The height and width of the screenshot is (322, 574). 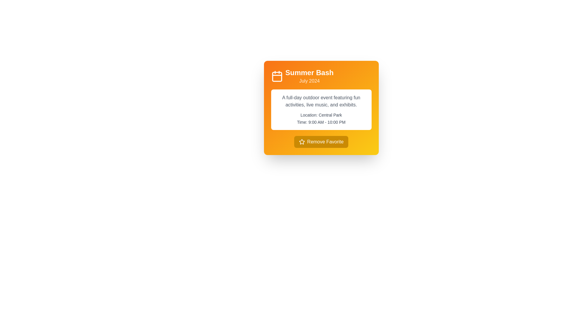 What do you see at coordinates (321, 142) in the screenshot?
I see `the 'Remove Favorite' button, which has a golden-yellow background and is located at the bottom of the 'Summer Bash' card` at bounding box center [321, 142].